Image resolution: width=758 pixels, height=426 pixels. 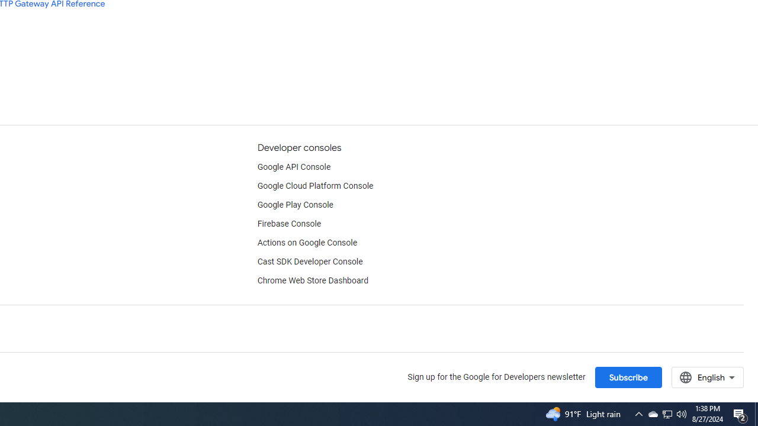 What do you see at coordinates (307, 243) in the screenshot?
I see `'Actions on Google Console'` at bounding box center [307, 243].